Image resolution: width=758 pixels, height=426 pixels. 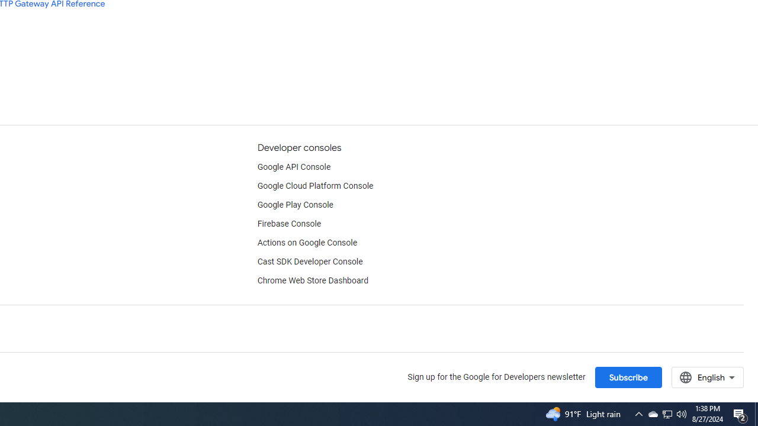 What do you see at coordinates (307, 243) in the screenshot?
I see `'Actions on Google Console'` at bounding box center [307, 243].